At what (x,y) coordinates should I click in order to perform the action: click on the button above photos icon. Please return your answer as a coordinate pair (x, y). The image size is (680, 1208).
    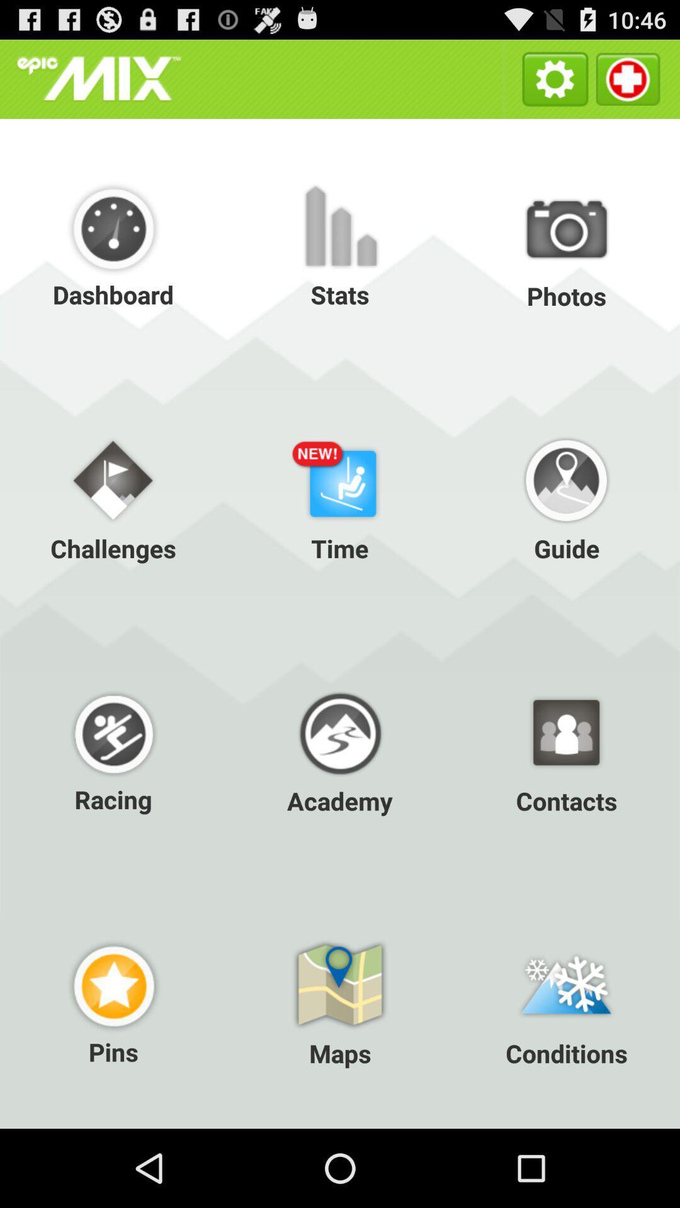
    Looking at the image, I should click on (627, 78).